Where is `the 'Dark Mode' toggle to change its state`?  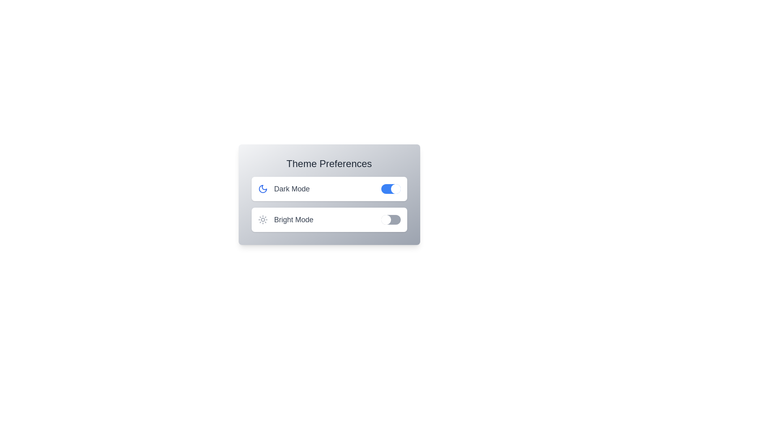
the 'Dark Mode' toggle to change its state is located at coordinates (391, 189).